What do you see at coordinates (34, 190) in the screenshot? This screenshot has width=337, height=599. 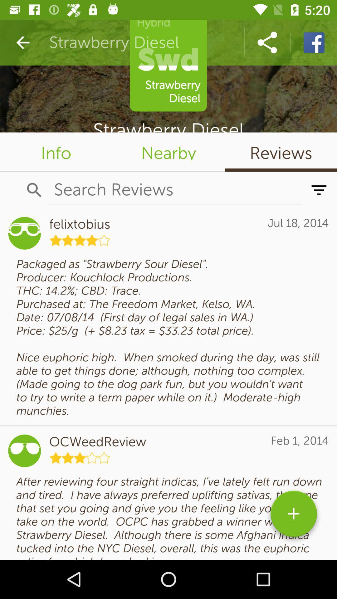 I see `the search icon` at bounding box center [34, 190].